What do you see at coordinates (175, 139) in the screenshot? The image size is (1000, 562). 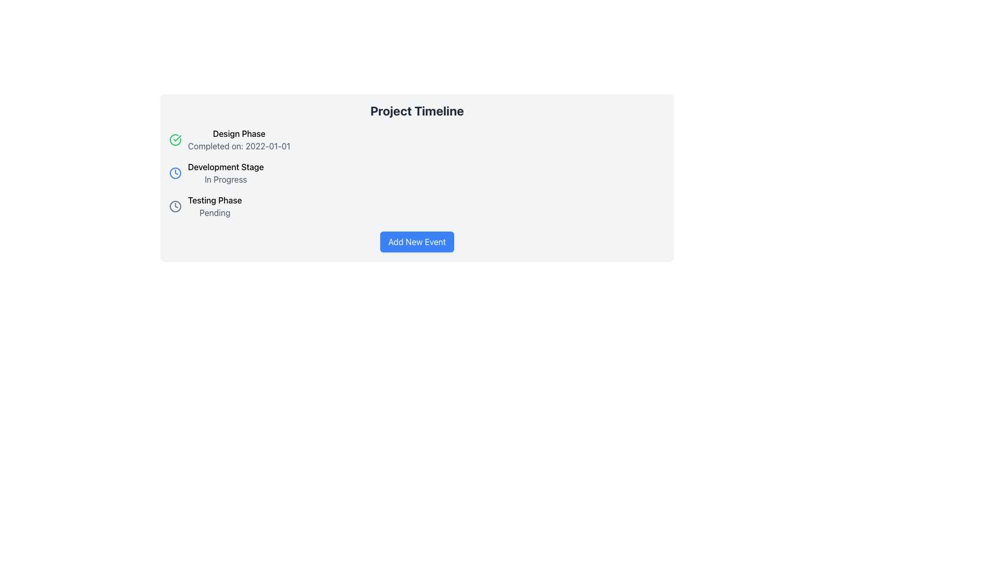 I see `the green outlined circle icon with a check mark inside it, located to the left of the 'Design Phase' title, to acknowledge the completion` at bounding box center [175, 139].